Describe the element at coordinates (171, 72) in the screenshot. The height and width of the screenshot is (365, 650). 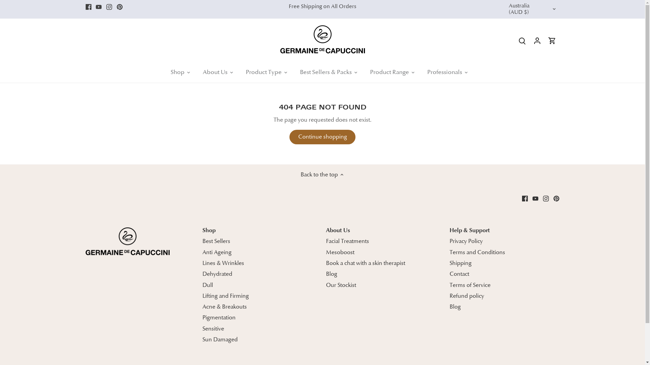
I see `'Shop'` at that location.